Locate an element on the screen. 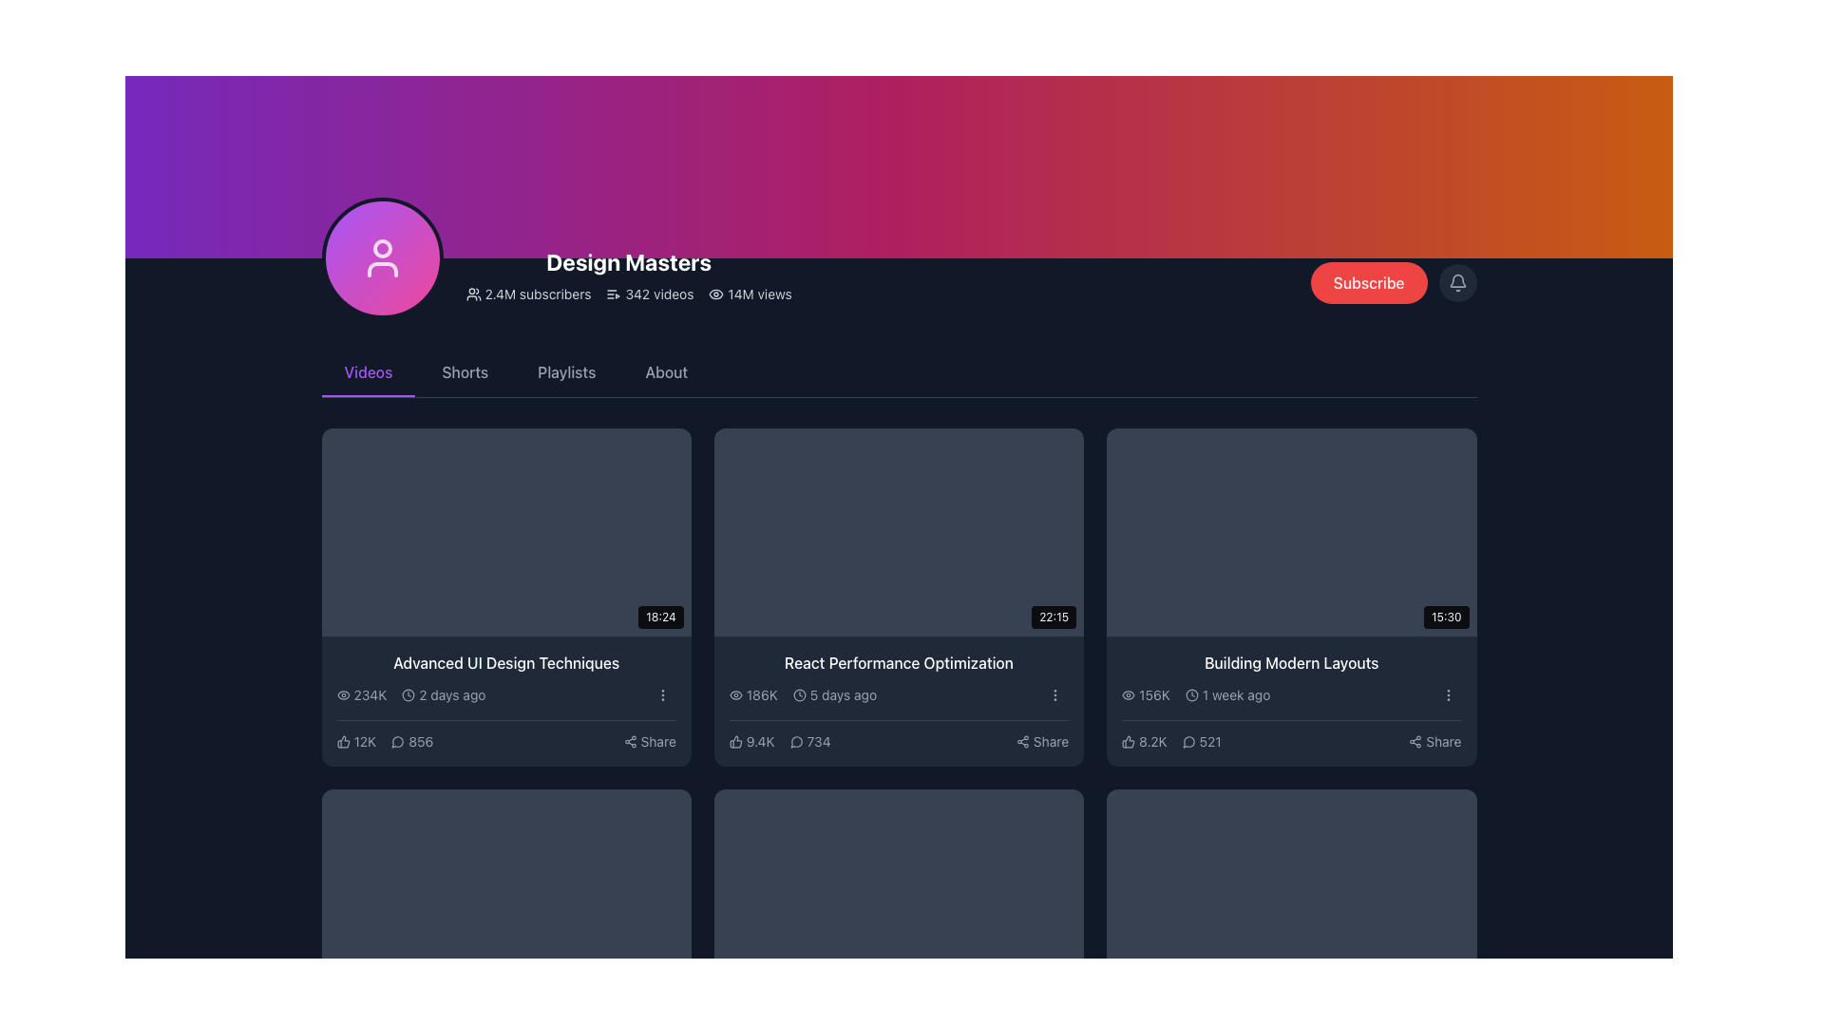  the Vertical ellipsis icon located at the center of the third card in the second row of the grid layout is located at coordinates (662, 695).